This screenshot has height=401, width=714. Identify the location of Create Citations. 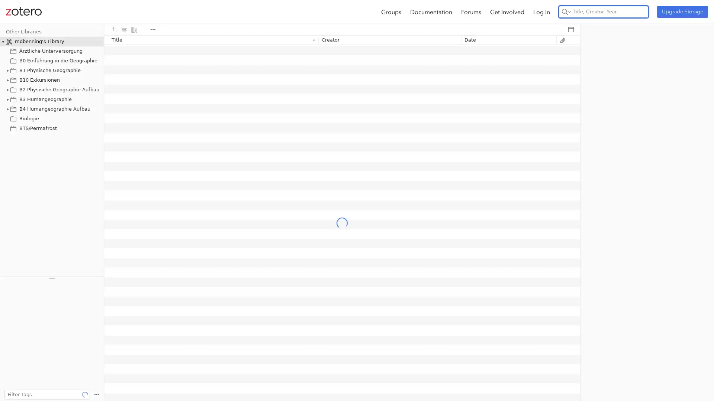
(123, 29).